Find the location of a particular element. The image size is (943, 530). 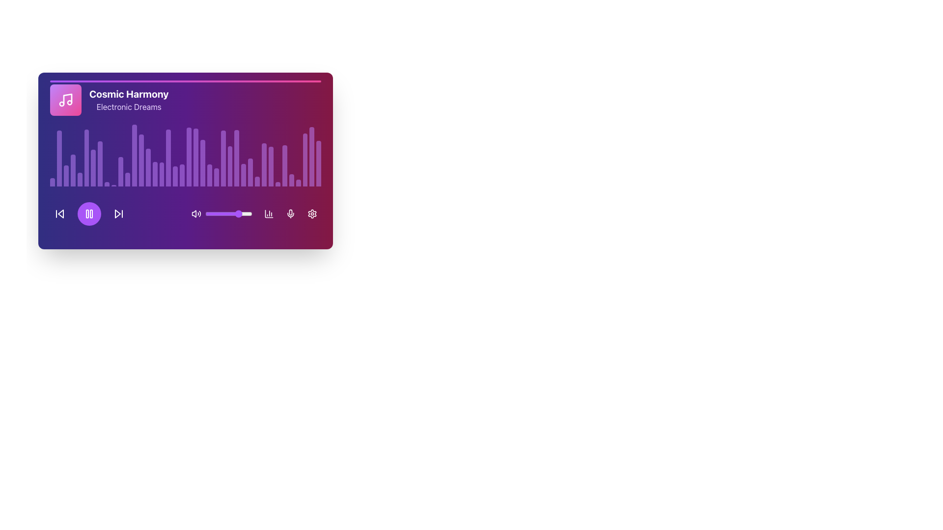

the fifth vertical purple bar with a rounded top in the audio equalizer display of the music player interface is located at coordinates (80, 180).